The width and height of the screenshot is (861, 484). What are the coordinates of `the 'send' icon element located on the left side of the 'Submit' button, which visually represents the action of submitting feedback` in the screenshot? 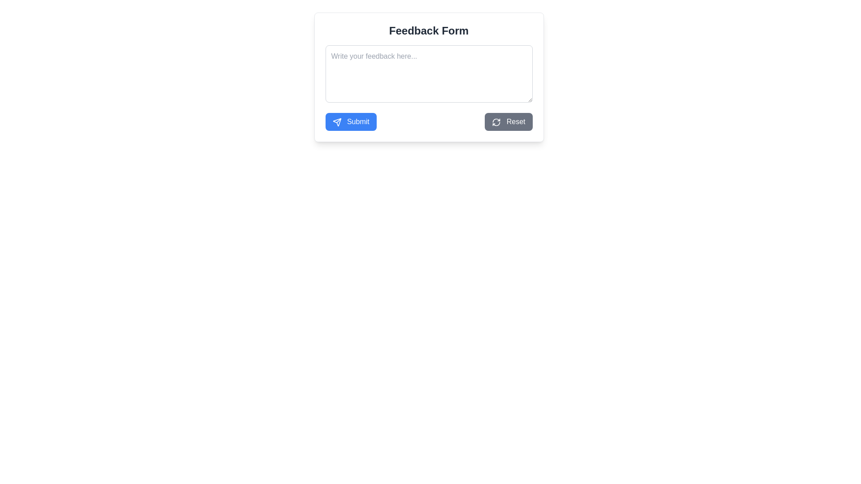 It's located at (336, 122).